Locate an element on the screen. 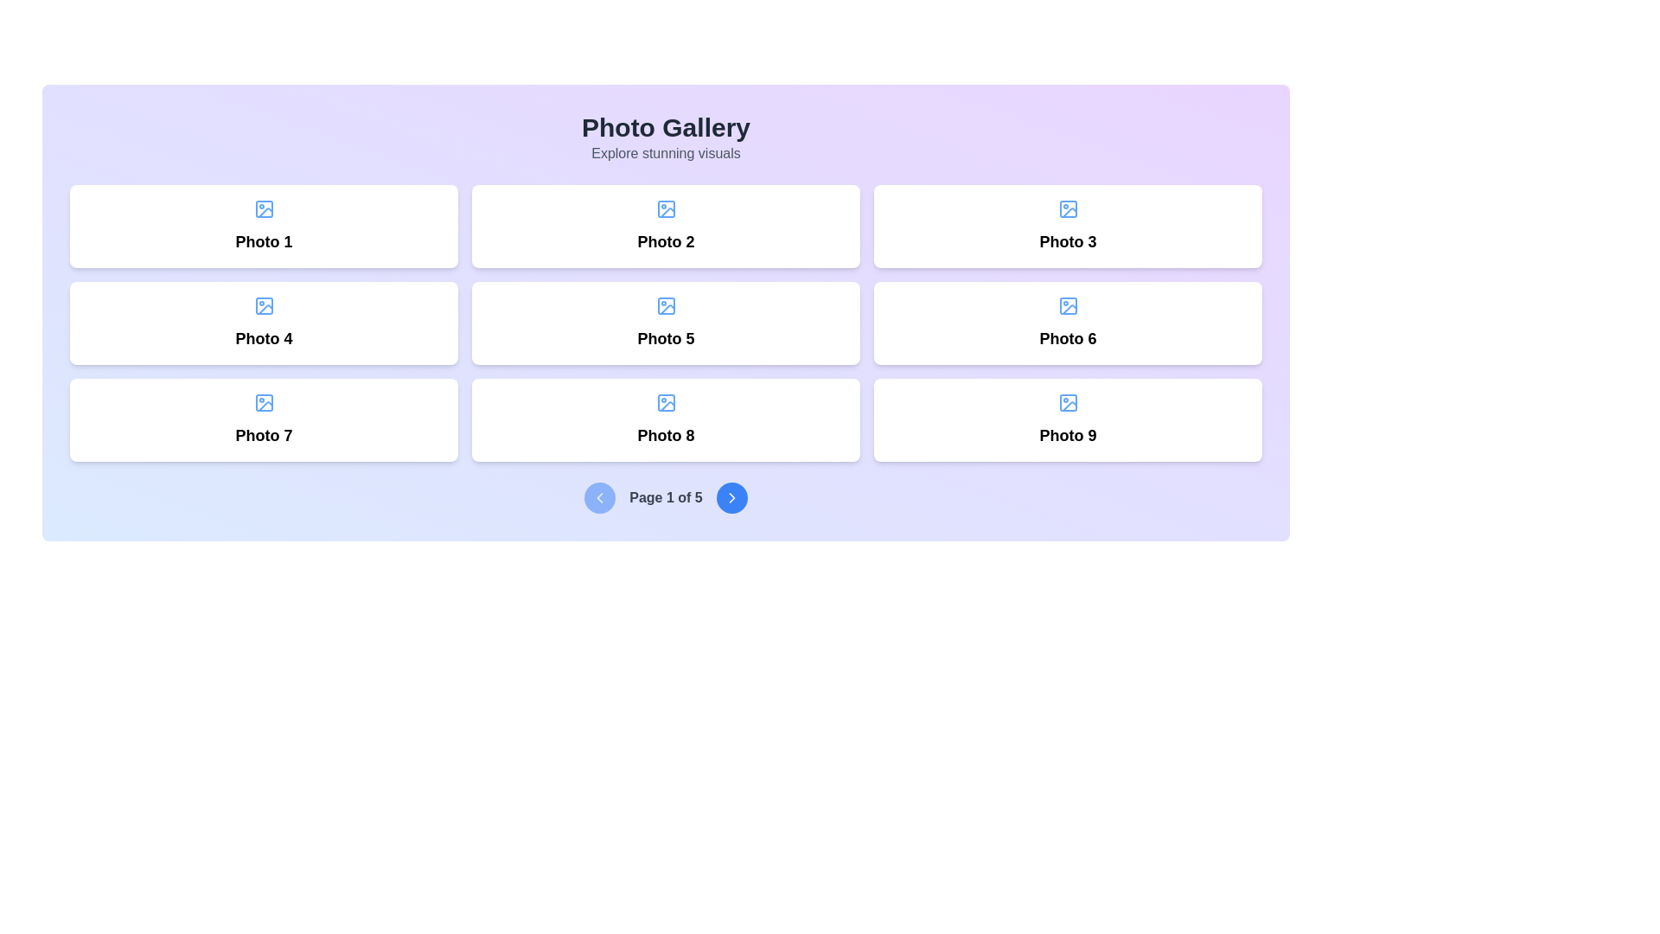 This screenshot has height=934, width=1660. the placeholder icon for the image located centrally within the card labeled 'Photo 9' is located at coordinates (1067, 403).